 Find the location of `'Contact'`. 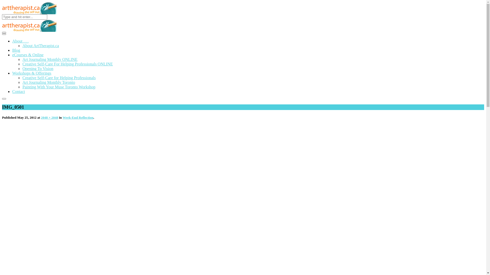

'Contact' is located at coordinates (18, 91).